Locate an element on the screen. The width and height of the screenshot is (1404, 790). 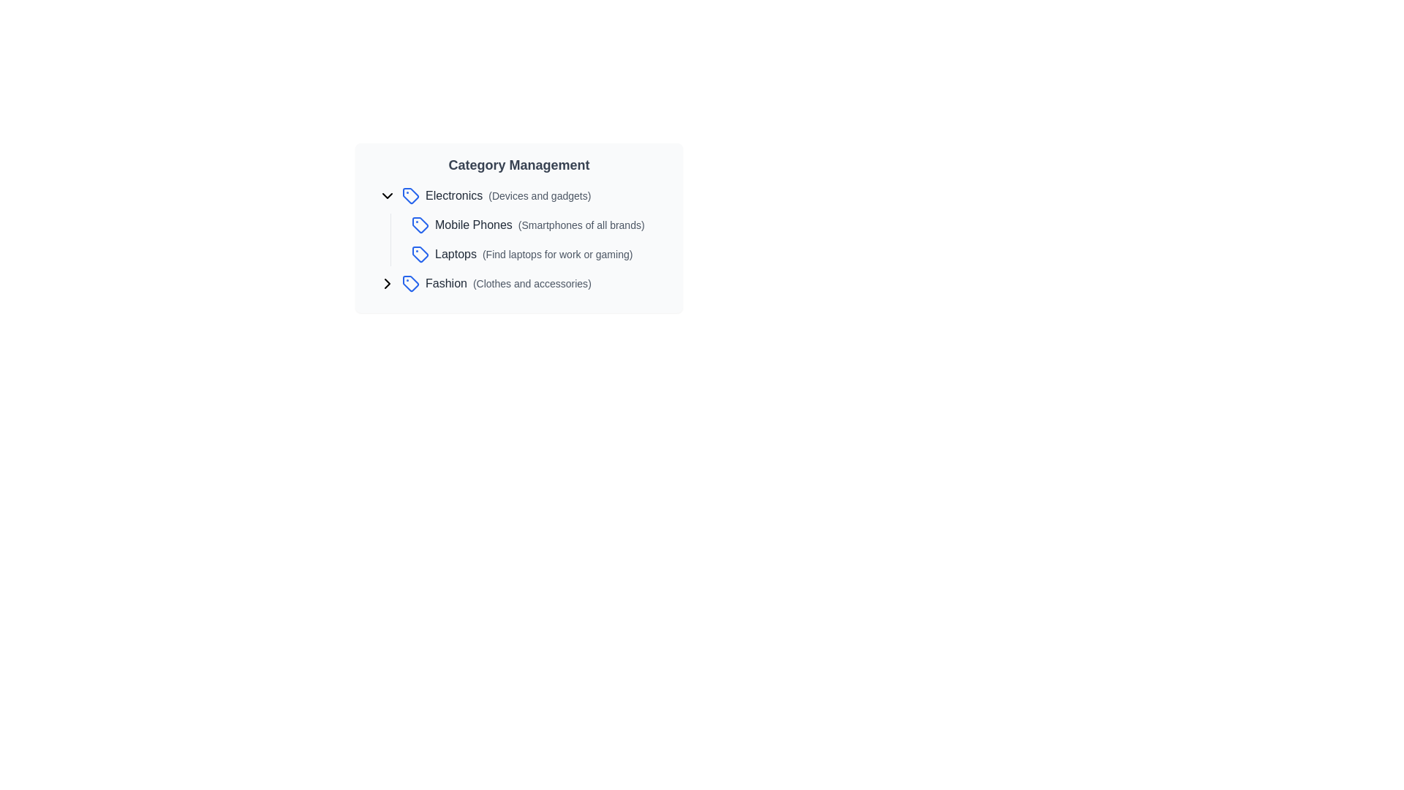
the descriptive text label for the 'Laptops' category, which is positioned to the right and slightly below the bold text 'Laptops' within the 'Category Management' menu under 'Electronics' is located at coordinates (556, 253).